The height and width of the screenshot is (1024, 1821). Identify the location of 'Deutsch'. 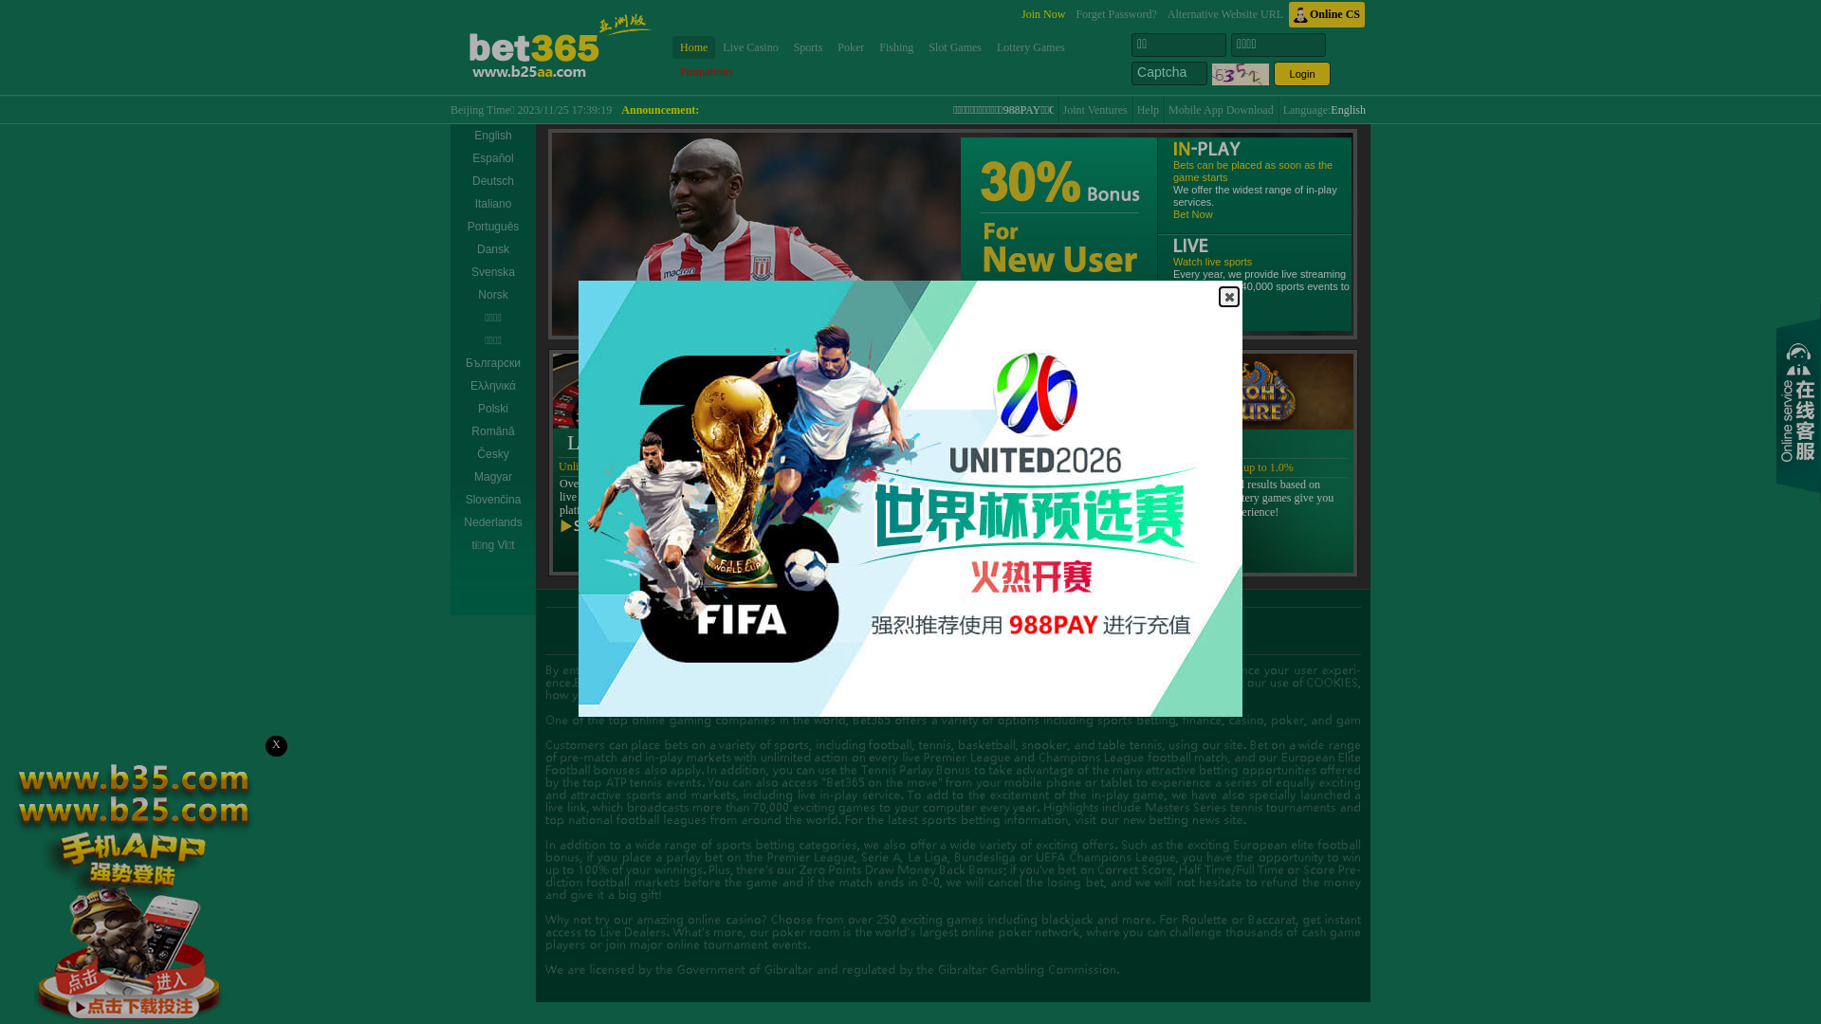
(492, 181).